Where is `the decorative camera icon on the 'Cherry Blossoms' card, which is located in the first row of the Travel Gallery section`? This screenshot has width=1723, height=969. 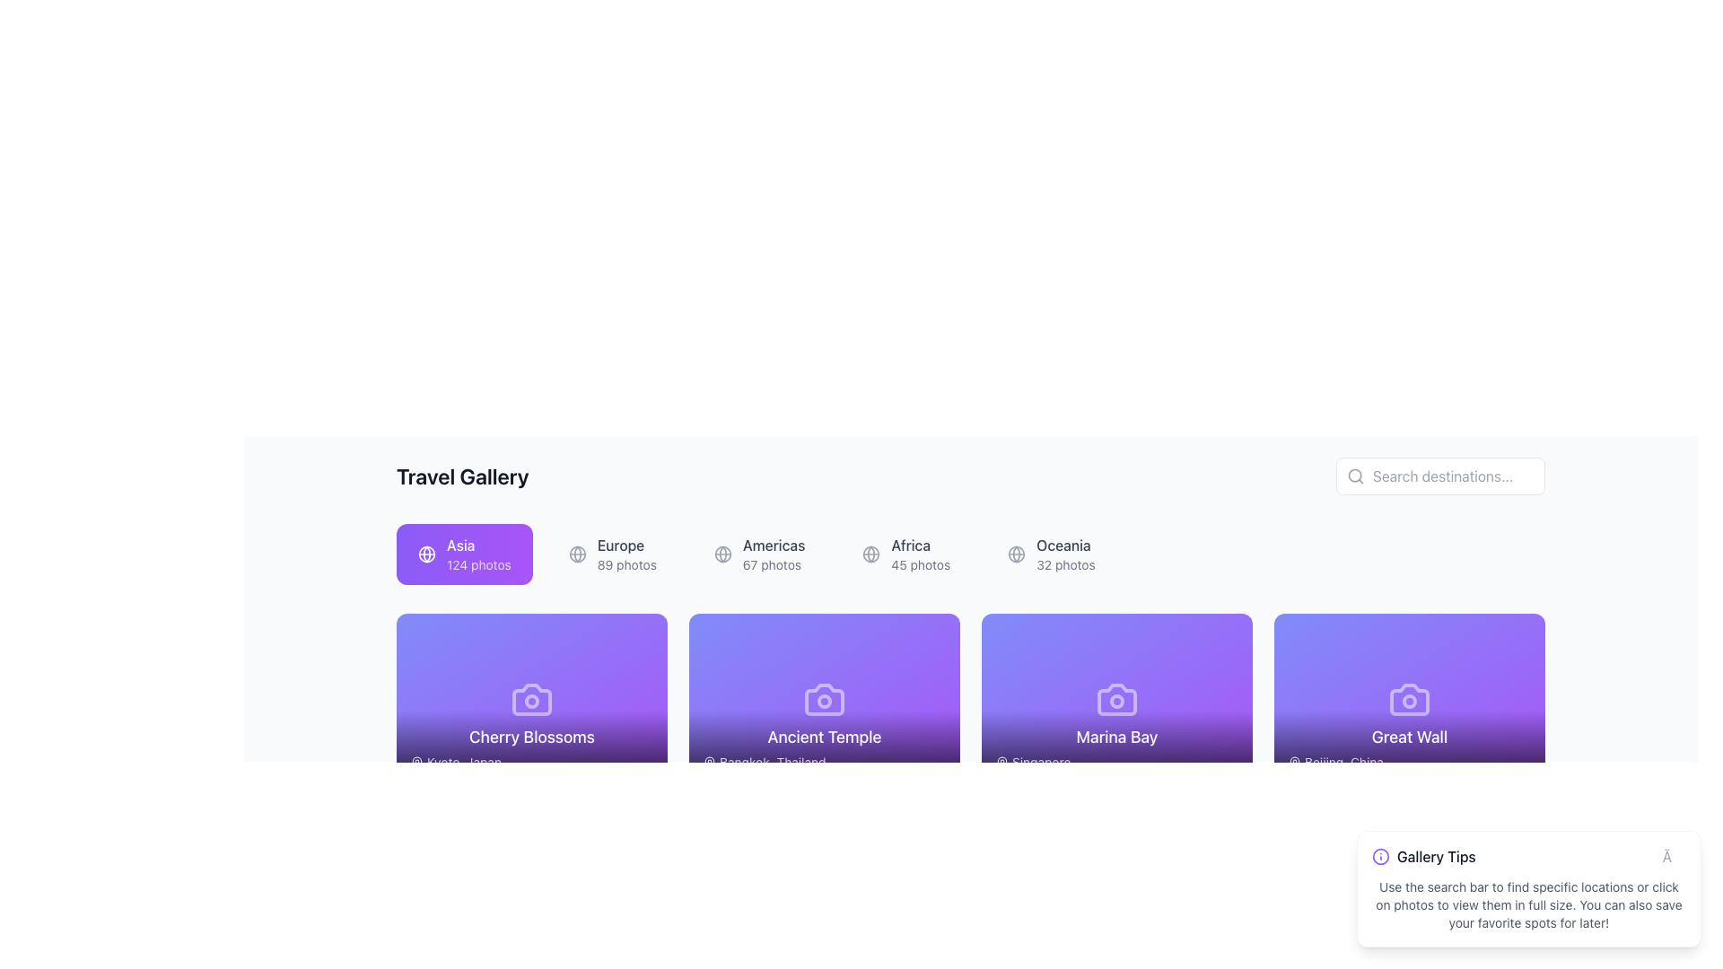
the decorative camera icon on the 'Cherry Blossoms' card, which is located in the first row of the Travel Gallery section is located at coordinates (531, 698).